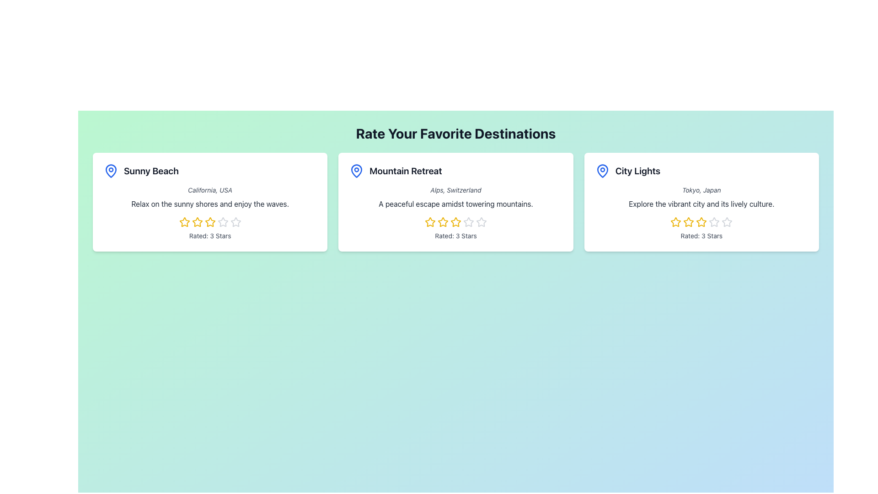 Image resolution: width=878 pixels, height=494 pixels. Describe the element at coordinates (701, 236) in the screenshot. I see `numerical rating displayed in the text label located at the bottom section of the 'City Lights' card, directly below the star rating icons` at that location.